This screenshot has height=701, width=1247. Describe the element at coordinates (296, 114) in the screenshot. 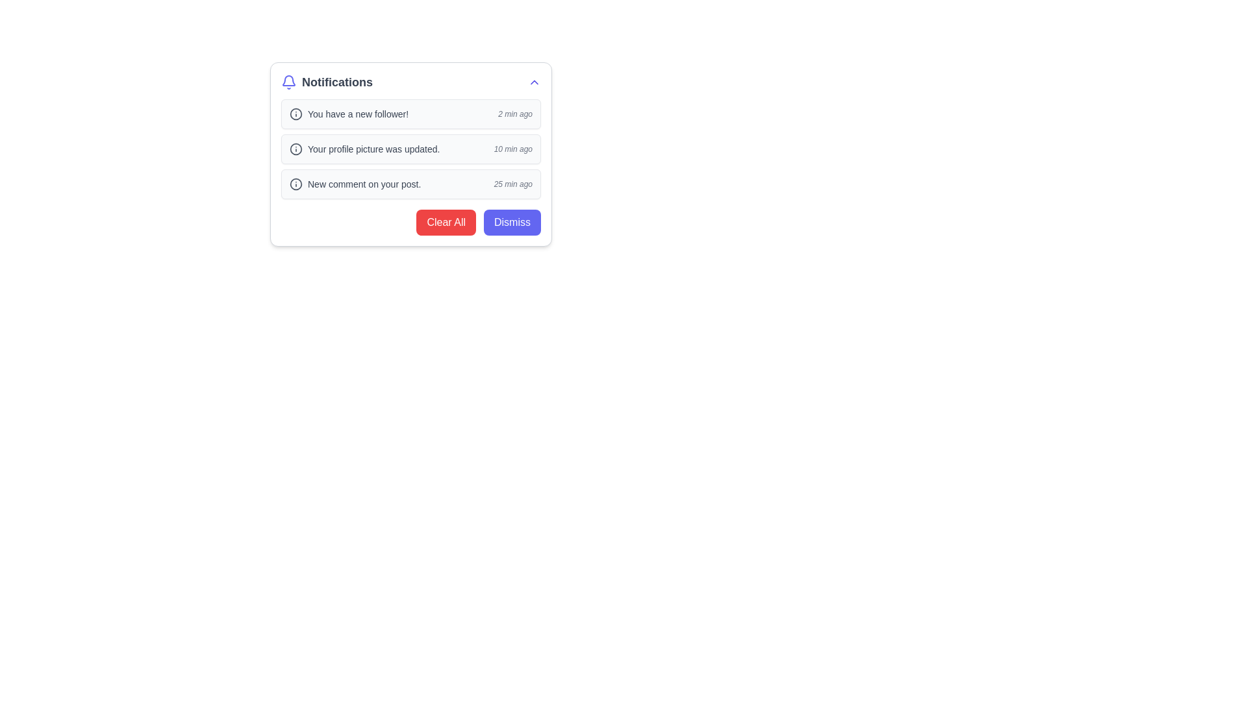

I see `the circular icon containing the letter 'i' in gray color, located to the left of the text 'You have a new follower!' in the first notification item under the 'Notifications' header` at that location.